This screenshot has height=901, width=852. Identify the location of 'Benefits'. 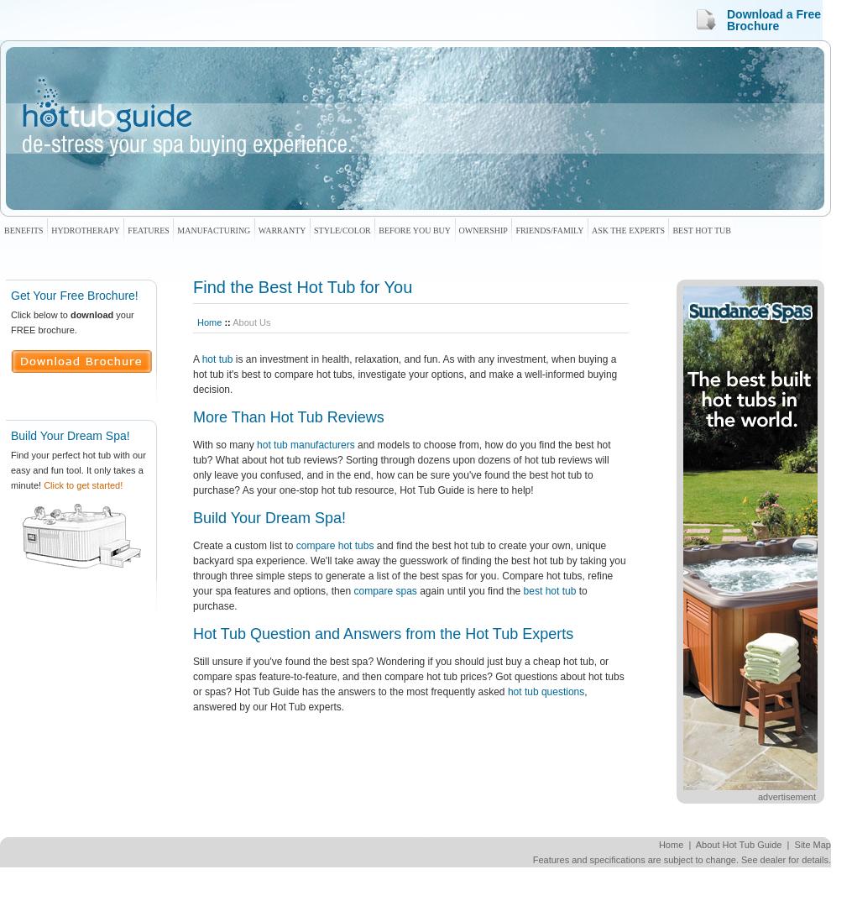
(23, 229).